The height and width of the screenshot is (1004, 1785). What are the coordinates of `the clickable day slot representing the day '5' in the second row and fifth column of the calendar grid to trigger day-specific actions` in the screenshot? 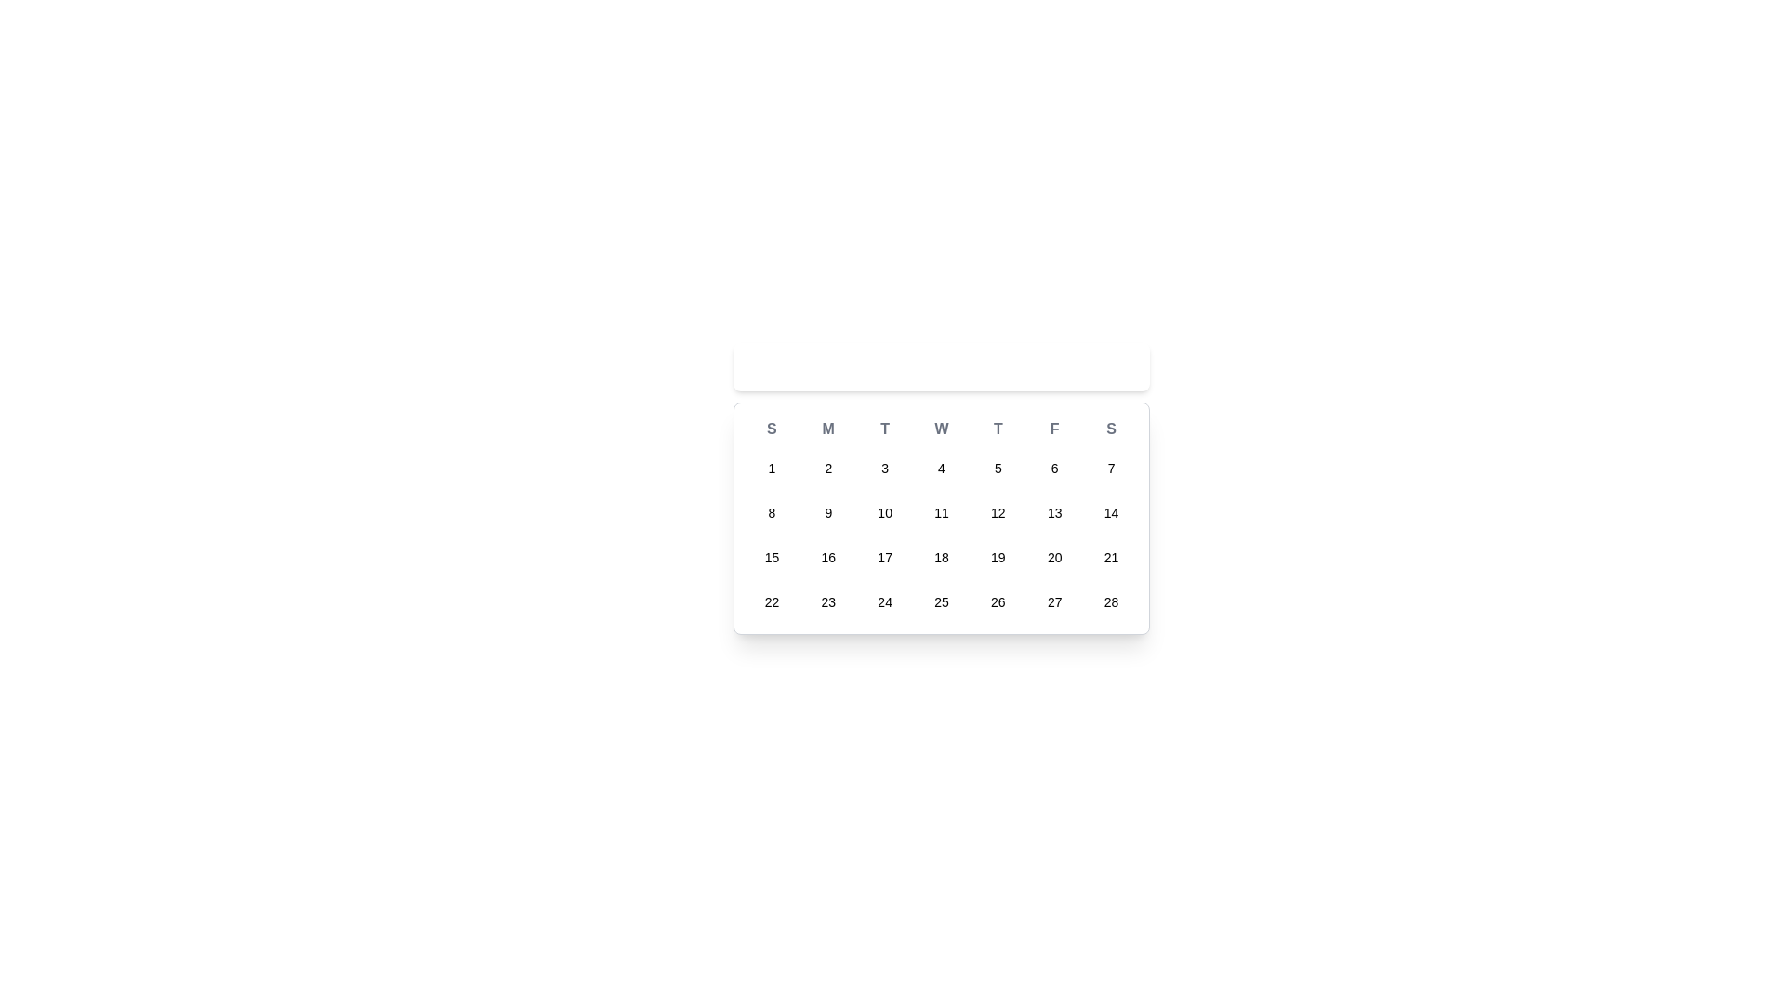 It's located at (997, 468).